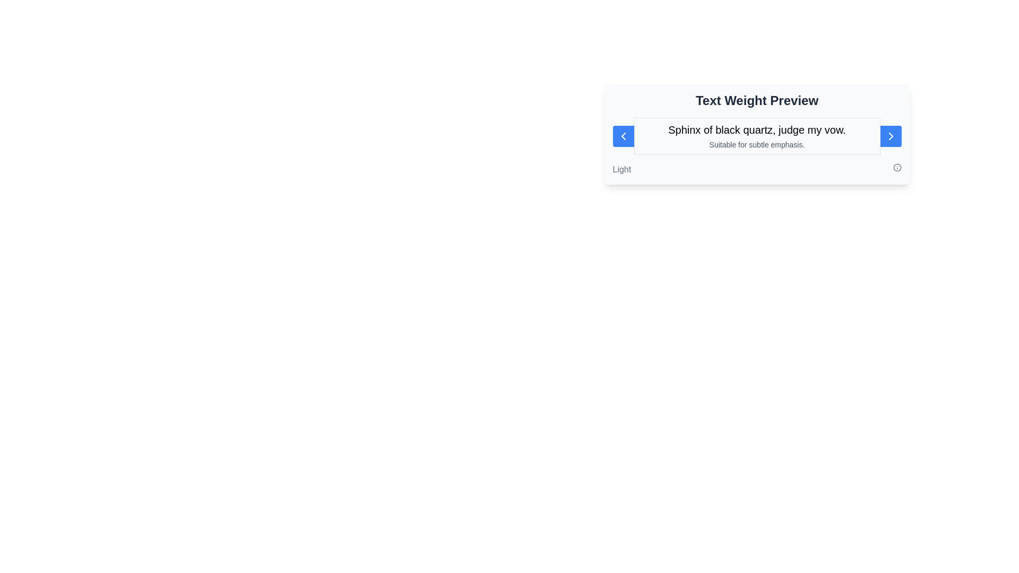 This screenshot has height=573, width=1019. I want to click on the rightward-pointing chevron arrow icon embedded inside the rectangular button located at the far right of the content section, so click(891, 136).